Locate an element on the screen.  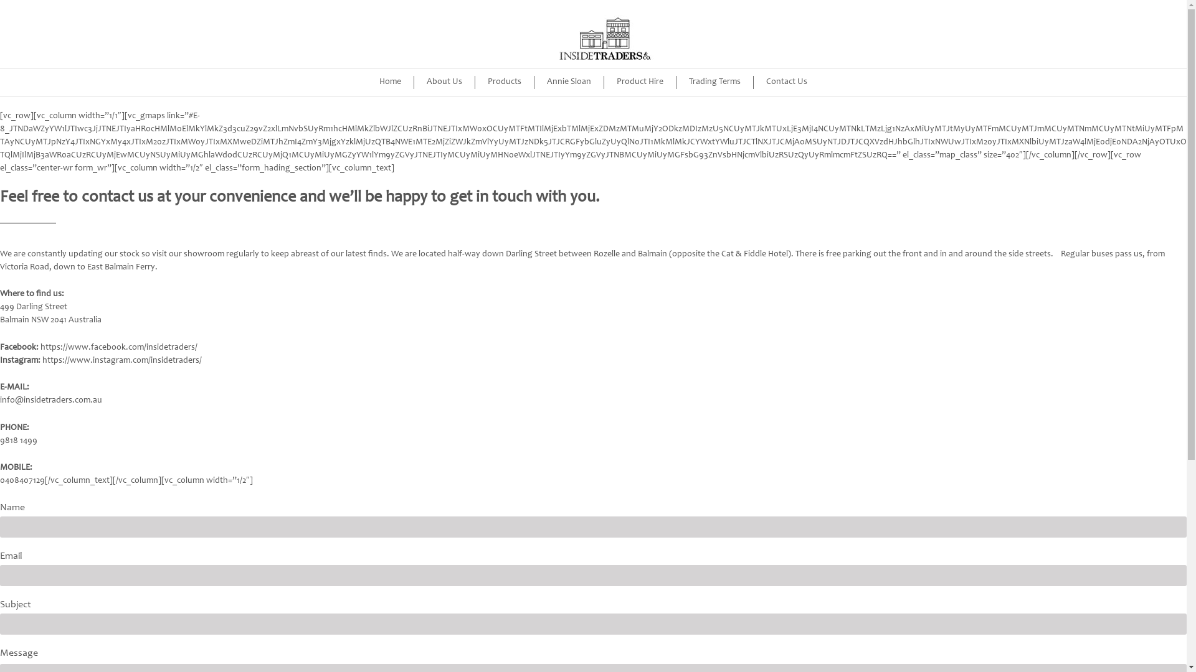
'Trading Terms' is located at coordinates (714, 82).